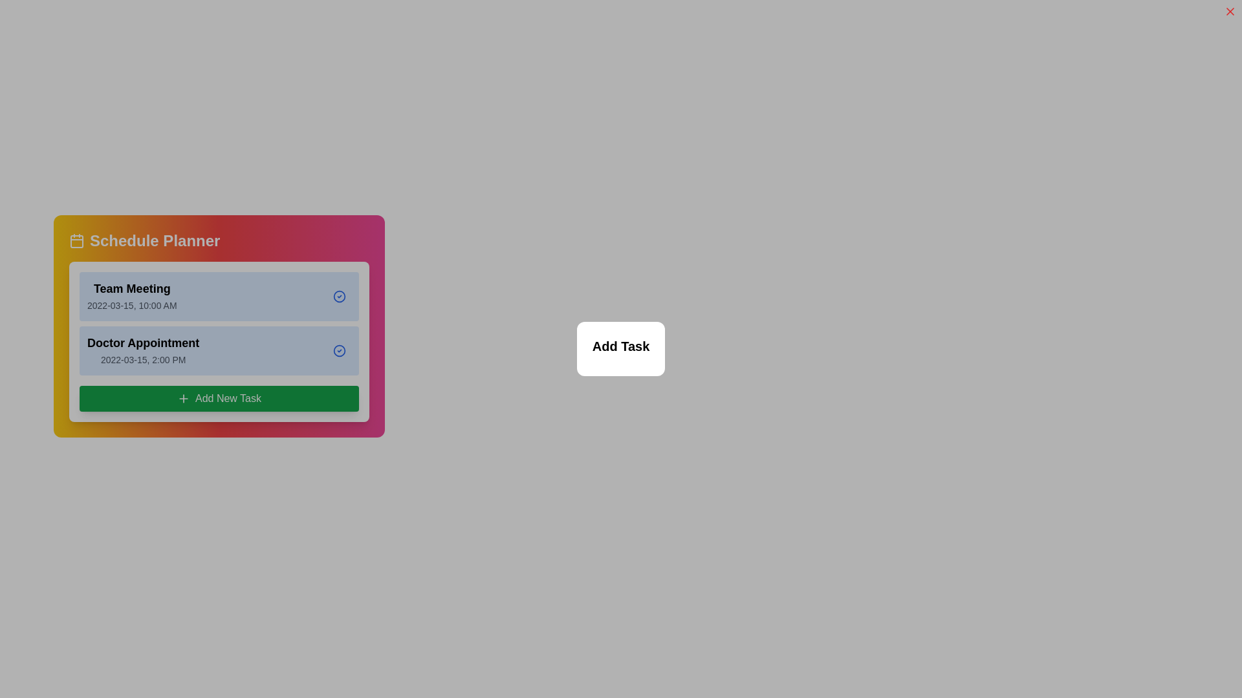 Image resolution: width=1242 pixels, height=698 pixels. What do you see at coordinates (143, 359) in the screenshot?
I see `the static text UI component that displays the scheduled date and time for the 'Doctor Appointment' event, located below the 'Doctor Appointment' text` at bounding box center [143, 359].